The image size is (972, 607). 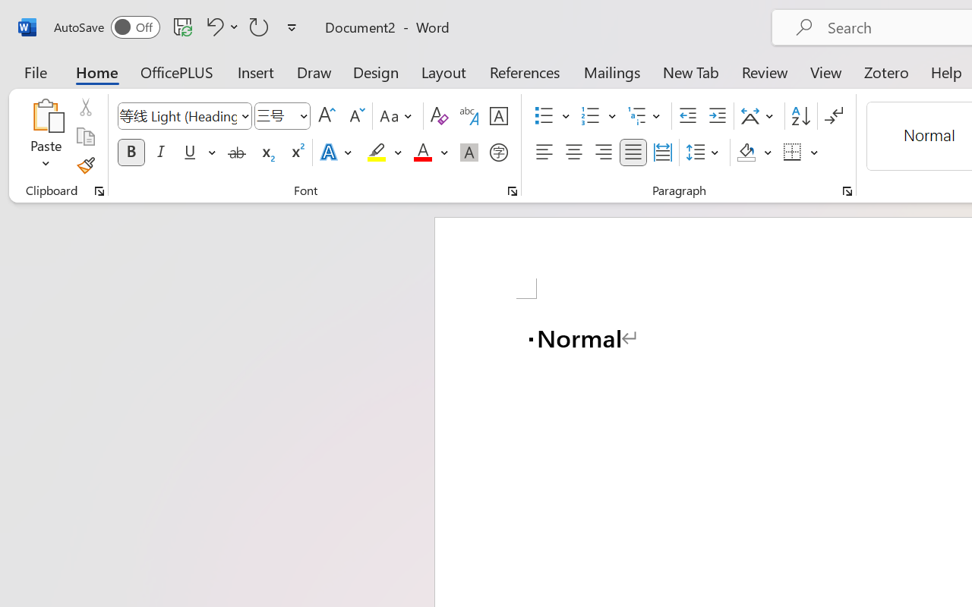 What do you see at coordinates (236, 153) in the screenshot?
I see `'Strikethrough'` at bounding box center [236, 153].